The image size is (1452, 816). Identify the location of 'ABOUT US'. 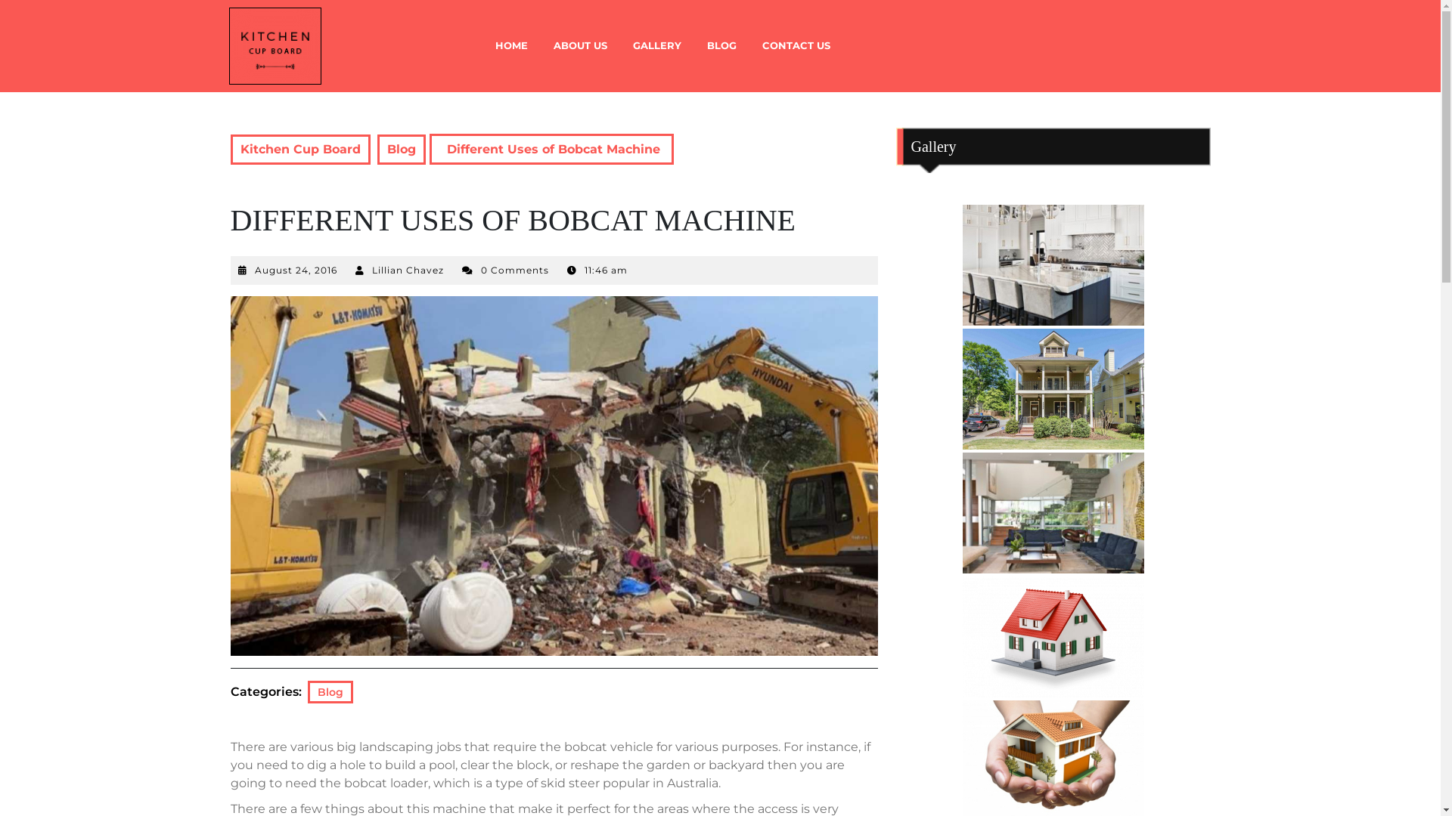
(579, 45).